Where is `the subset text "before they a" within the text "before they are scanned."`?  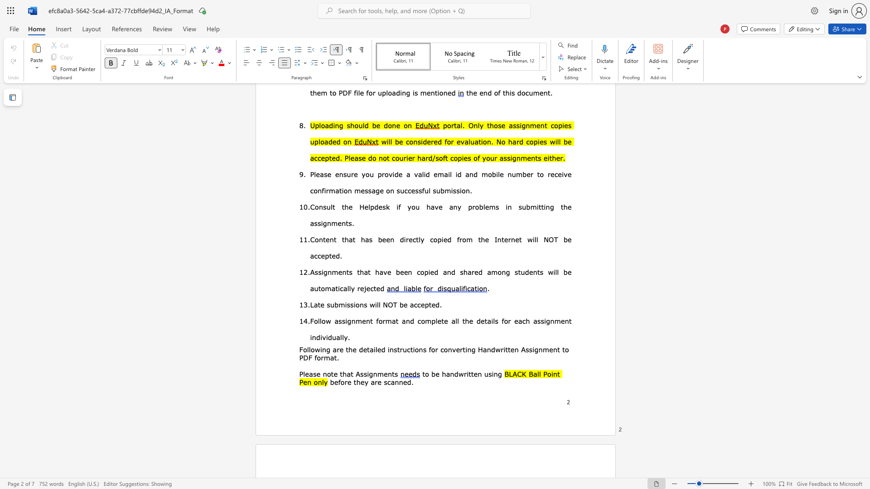 the subset text "before they a" within the text "before they are scanned." is located at coordinates (329, 382).